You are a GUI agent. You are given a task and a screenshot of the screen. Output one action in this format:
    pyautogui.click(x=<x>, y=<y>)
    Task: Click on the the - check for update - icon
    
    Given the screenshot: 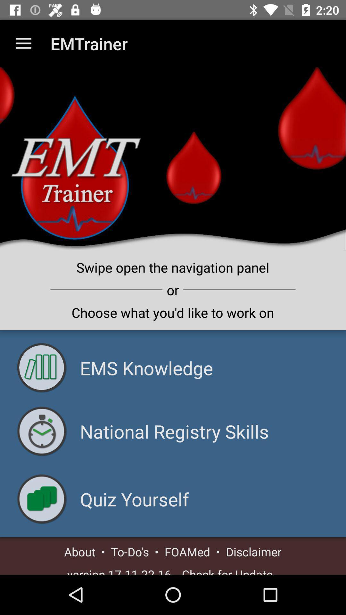 What is the action you would take?
    pyautogui.click(x=227, y=570)
    